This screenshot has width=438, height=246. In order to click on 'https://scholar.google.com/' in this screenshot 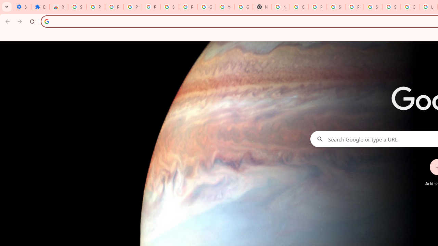, I will do `click(280, 7)`.